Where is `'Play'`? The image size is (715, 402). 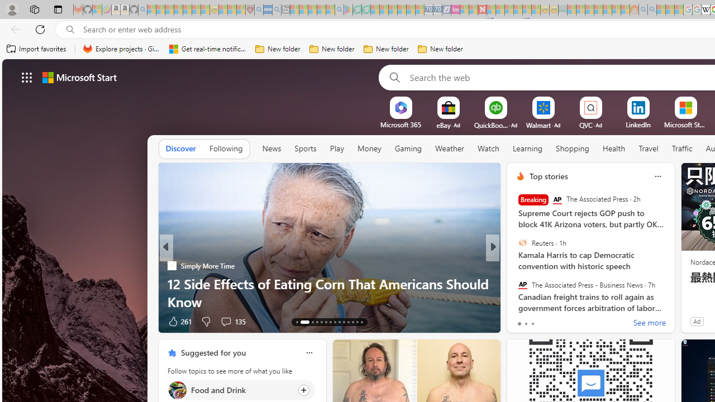
'Play' is located at coordinates (336, 149).